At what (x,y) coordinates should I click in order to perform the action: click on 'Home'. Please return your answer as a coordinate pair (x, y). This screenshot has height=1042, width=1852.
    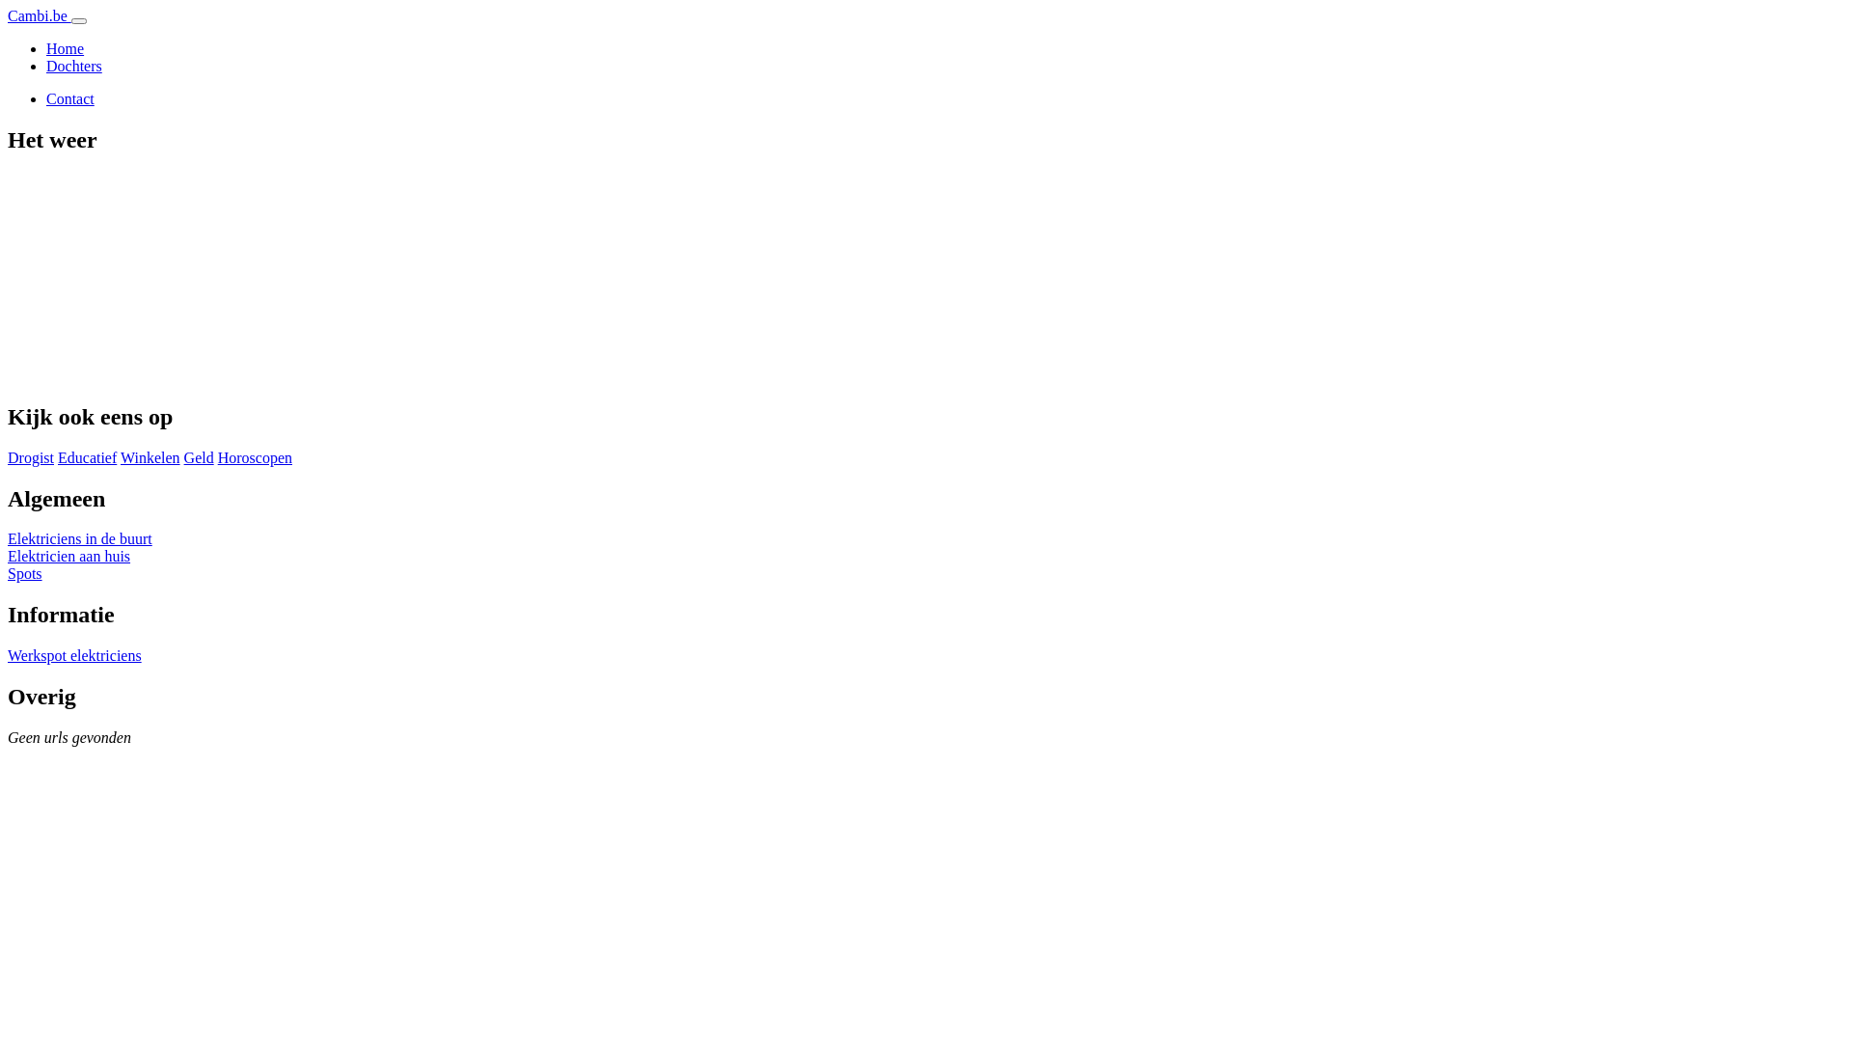
    Looking at the image, I should click on (65, 47).